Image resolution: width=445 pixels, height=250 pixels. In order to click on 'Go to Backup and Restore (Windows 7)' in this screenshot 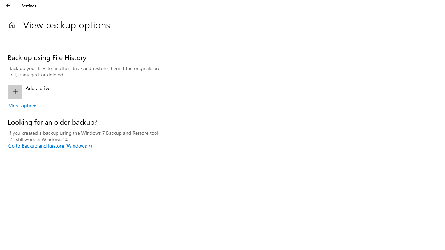, I will do `click(50, 145)`.